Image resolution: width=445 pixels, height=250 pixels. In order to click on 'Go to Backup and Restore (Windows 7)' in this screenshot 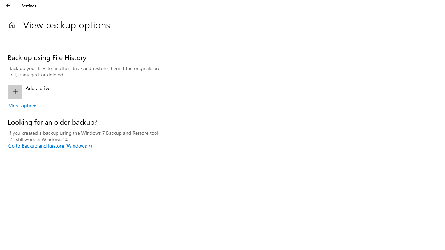, I will do `click(50, 145)`.